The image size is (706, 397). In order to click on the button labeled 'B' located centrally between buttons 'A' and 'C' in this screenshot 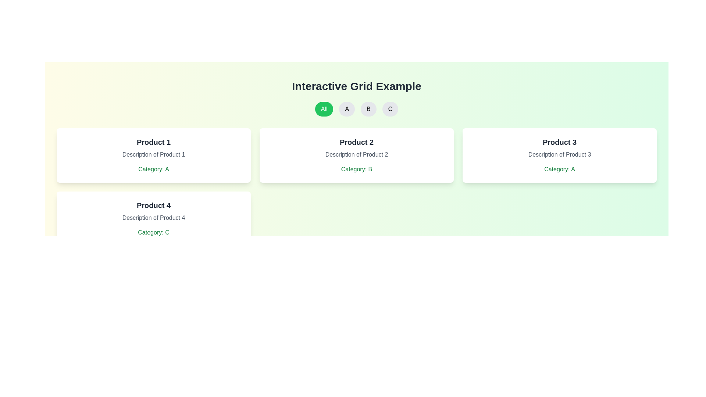, I will do `click(356, 109)`.